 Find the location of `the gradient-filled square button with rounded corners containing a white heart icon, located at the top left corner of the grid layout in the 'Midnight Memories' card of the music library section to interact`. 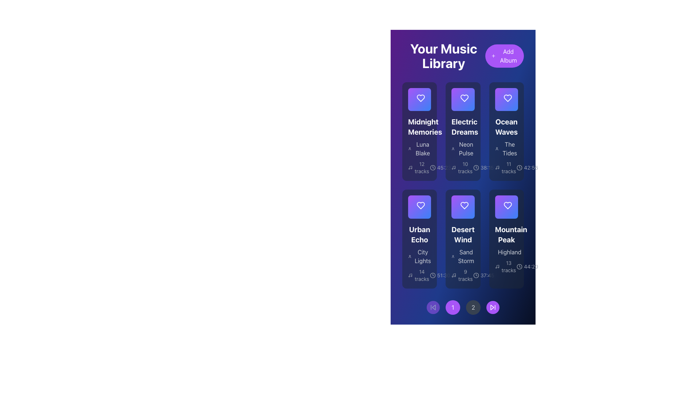

the gradient-filled square button with rounded corners containing a white heart icon, located at the top left corner of the grid layout in the 'Midnight Memories' card of the music library section to interact is located at coordinates (419, 99).